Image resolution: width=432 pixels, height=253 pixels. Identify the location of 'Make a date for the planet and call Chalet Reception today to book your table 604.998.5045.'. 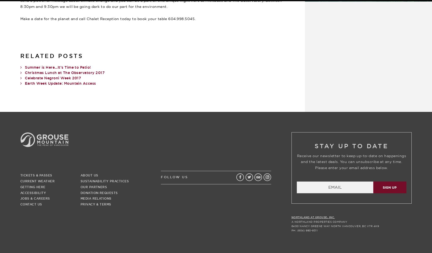
(107, 19).